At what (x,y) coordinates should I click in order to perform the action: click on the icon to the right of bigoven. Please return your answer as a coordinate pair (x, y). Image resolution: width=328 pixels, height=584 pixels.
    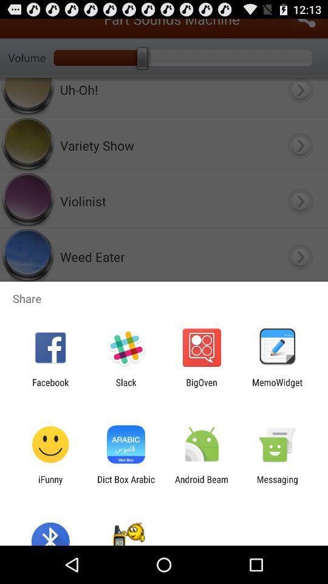
    Looking at the image, I should click on (277, 387).